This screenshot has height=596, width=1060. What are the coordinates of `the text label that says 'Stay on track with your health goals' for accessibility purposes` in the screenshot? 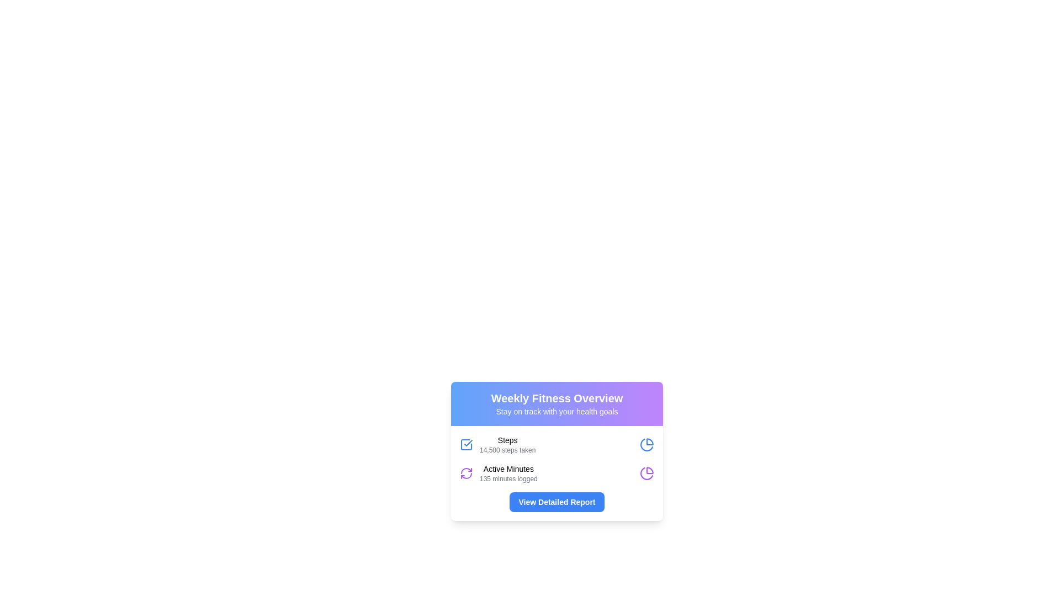 It's located at (556, 411).